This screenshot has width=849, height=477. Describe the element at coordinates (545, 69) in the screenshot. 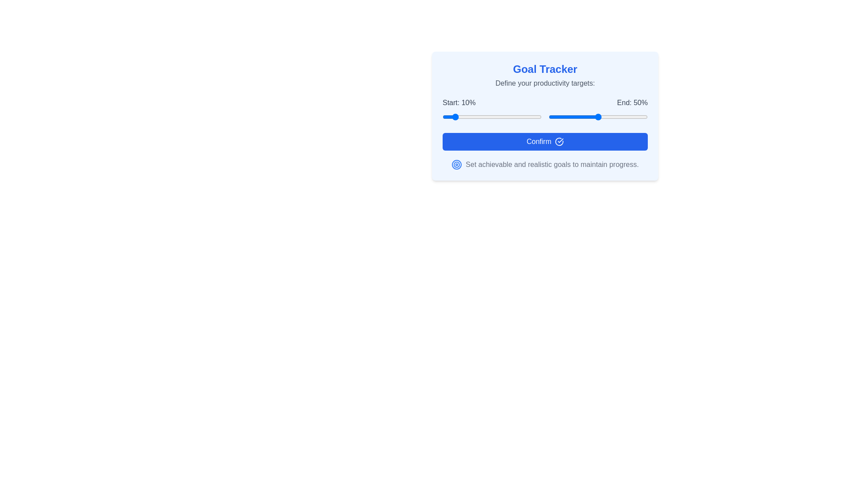

I see `the 'Goal Tracker' static text element, which is styled in bold, large blue text and is centered at the top of the productivity goal setting interface` at that location.